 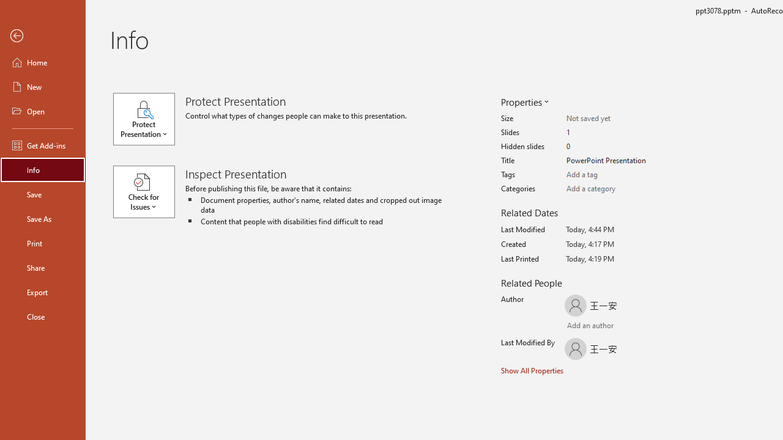 What do you see at coordinates (614, 189) in the screenshot?
I see `'Categories'` at bounding box center [614, 189].